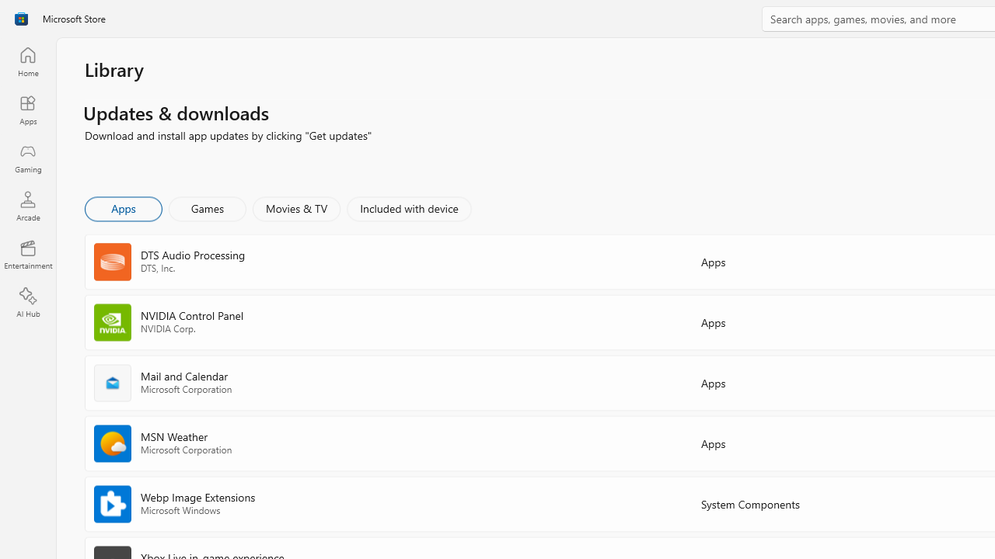 This screenshot has width=995, height=559. I want to click on 'Movies & TV', so click(296, 207).